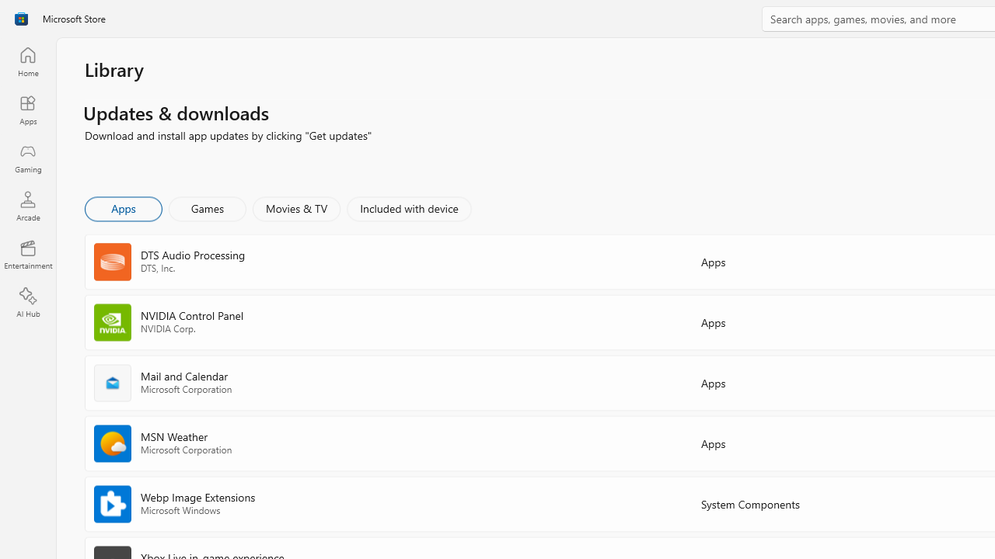 This screenshot has width=995, height=559. I want to click on 'Movies & TV', so click(296, 207).